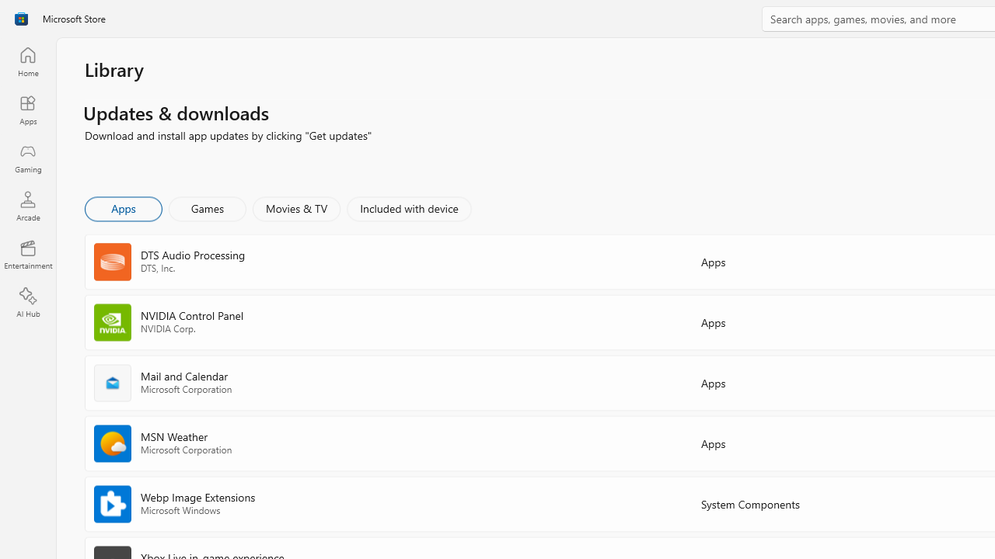 This screenshot has width=995, height=559. I want to click on 'Movies & TV', so click(296, 207).